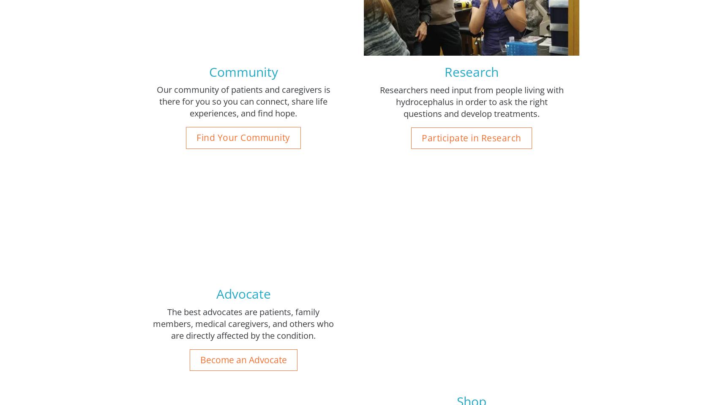 The width and height of the screenshot is (715, 405). I want to click on 'Participate in Research', so click(471, 138).